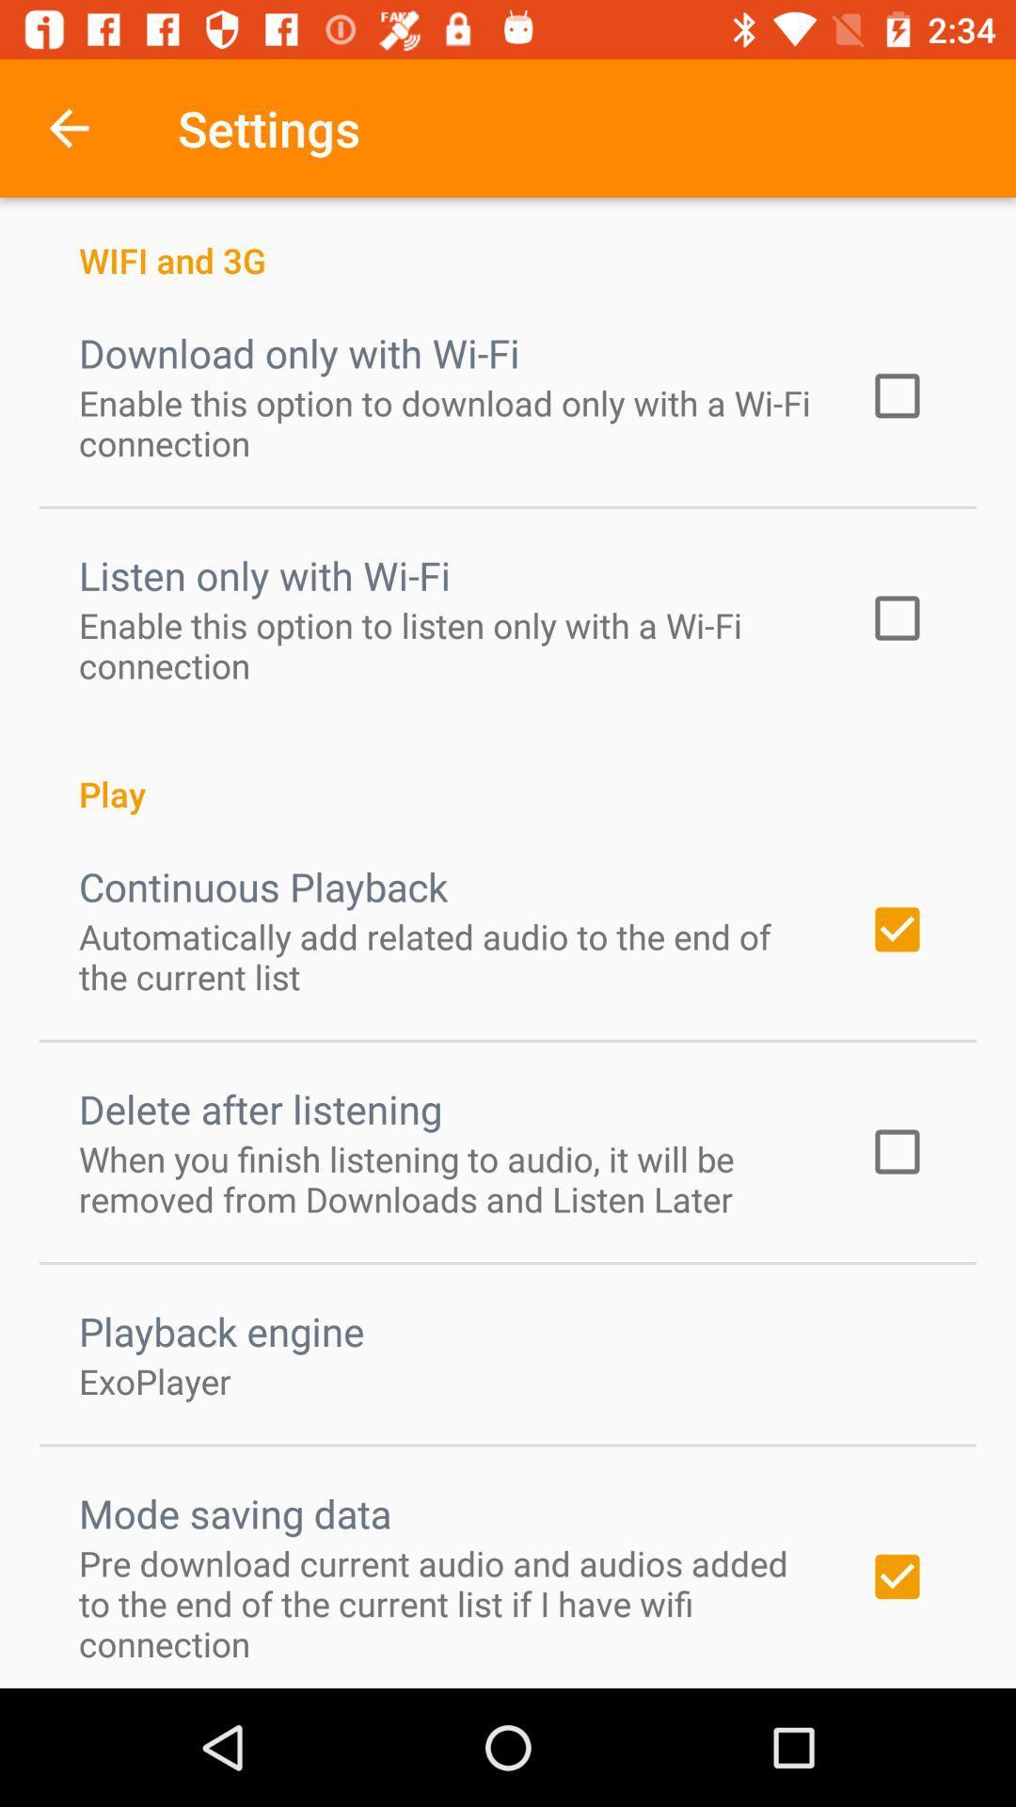 The height and width of the screenshot is (1807, 1016). What do you see at coordinates (154, 1381) in the screenshot?
I see `the exoplayer item` at bounding box center [154, 1381].